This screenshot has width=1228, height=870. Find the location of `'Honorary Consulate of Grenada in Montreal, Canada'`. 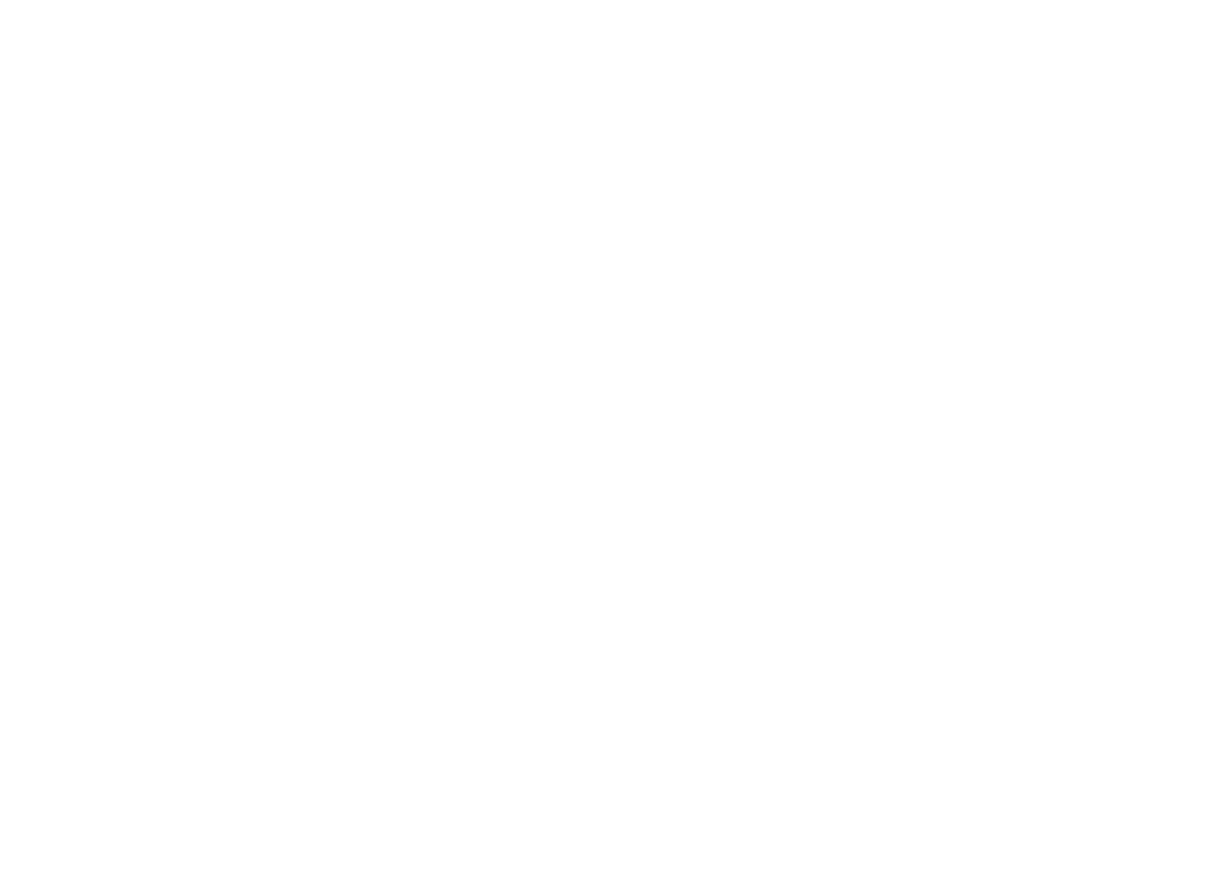

'Honorary Consulate of Grenada in Montreal, Canada' is located at coordinates (373, 725).